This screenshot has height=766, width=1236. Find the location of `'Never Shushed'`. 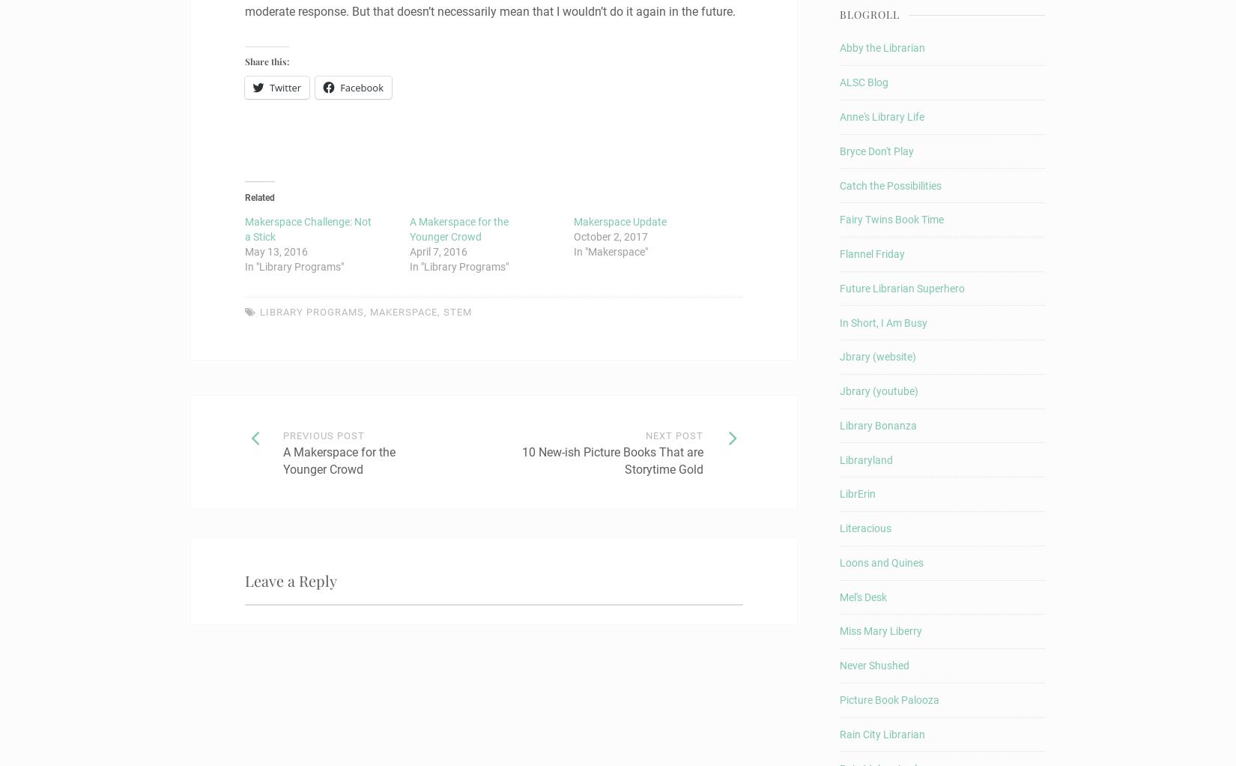

'Never Shushed' is located at coordinates (874, 665).